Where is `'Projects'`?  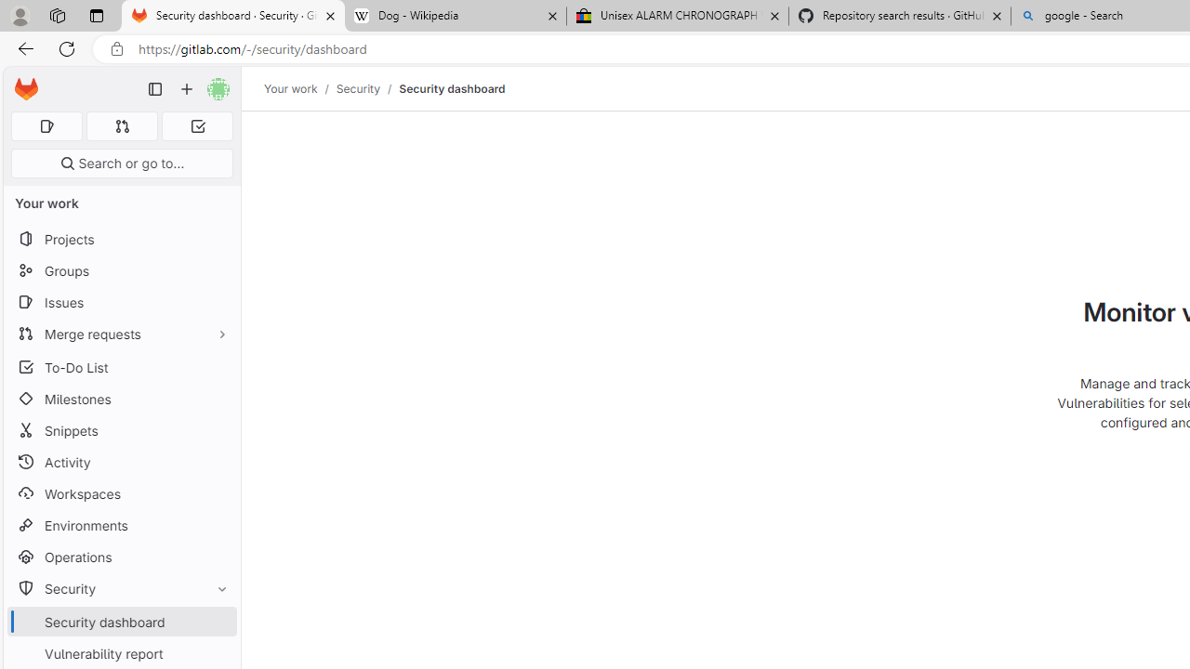 'Projects' is located at coordinates (121, 238).